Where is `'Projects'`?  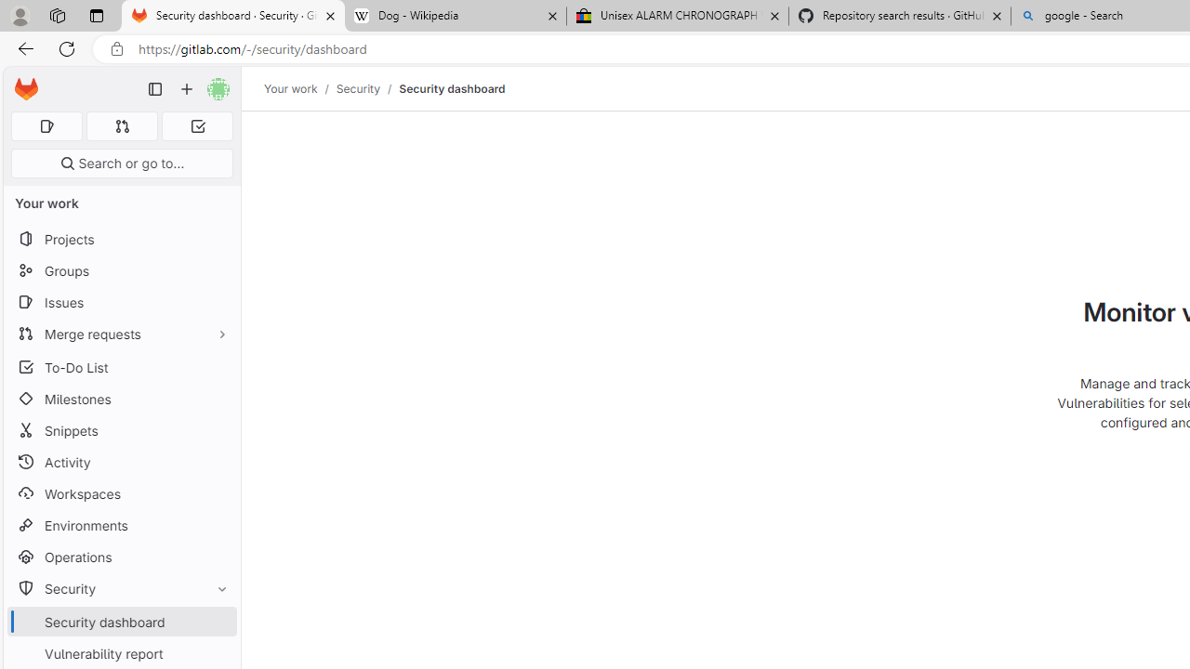 'Projects' is located at coordinates (121, 238).